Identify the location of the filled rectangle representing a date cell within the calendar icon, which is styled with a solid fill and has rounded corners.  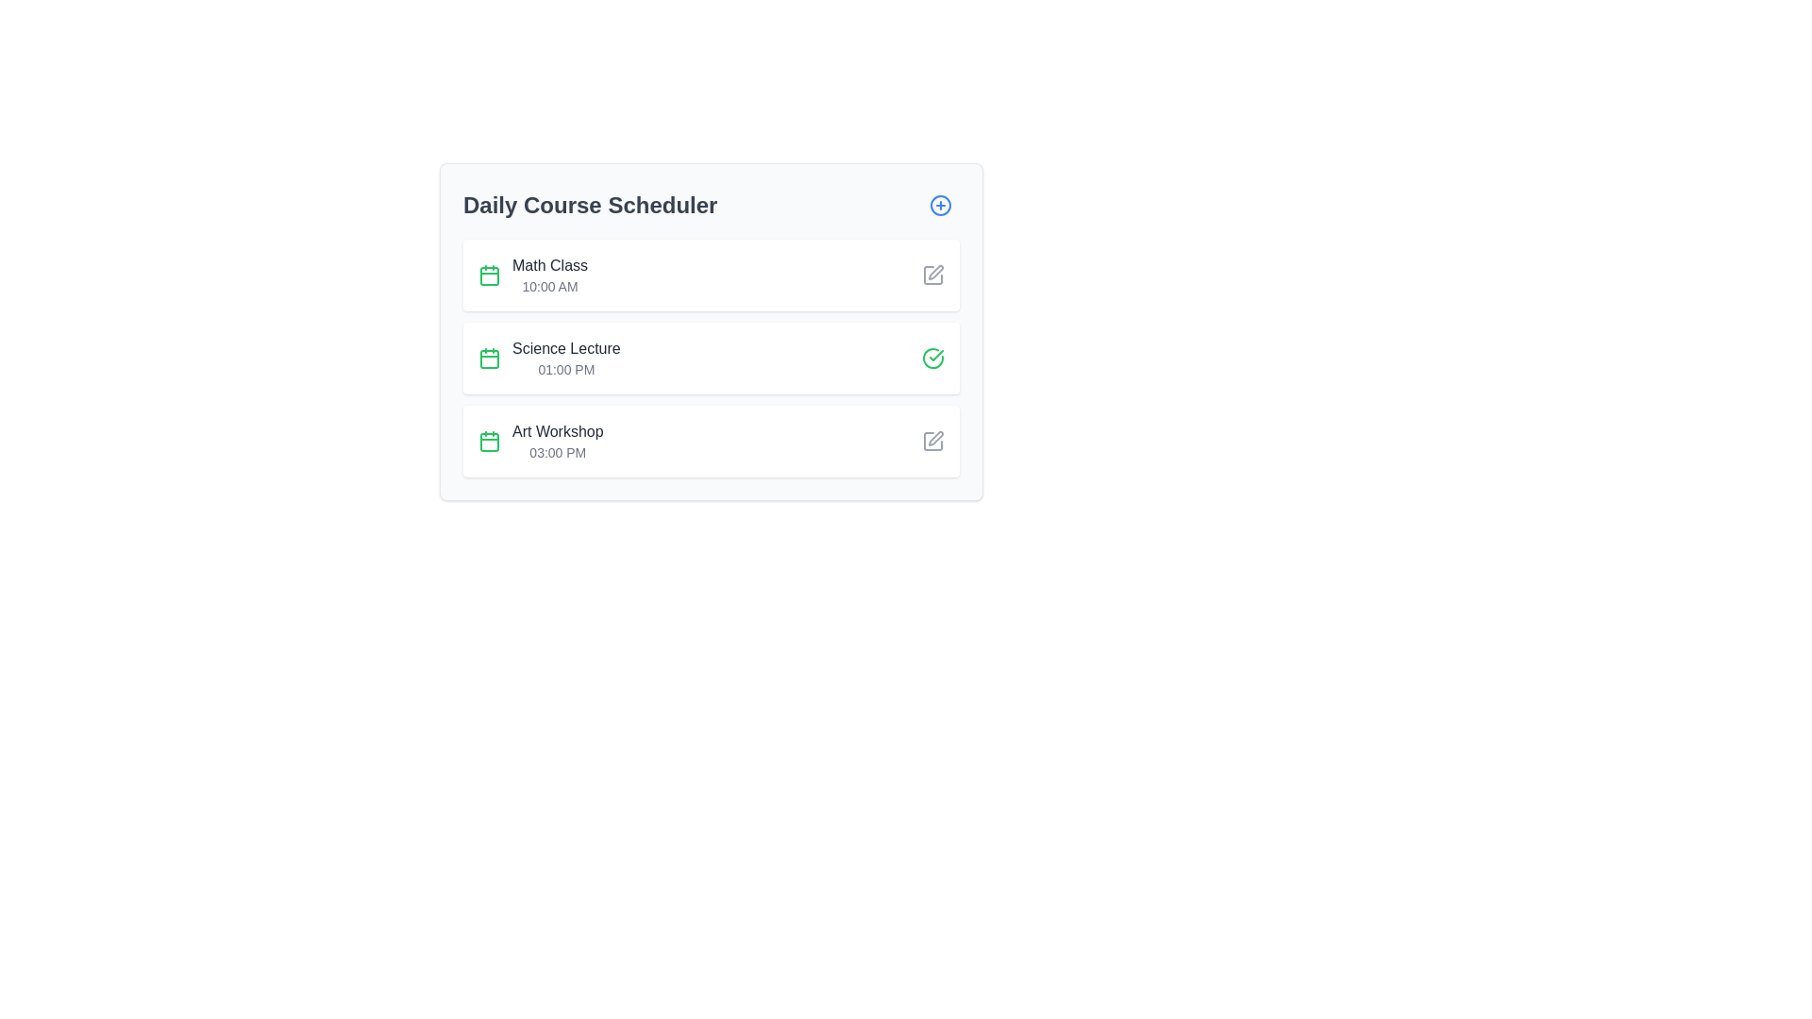
(489, 443).